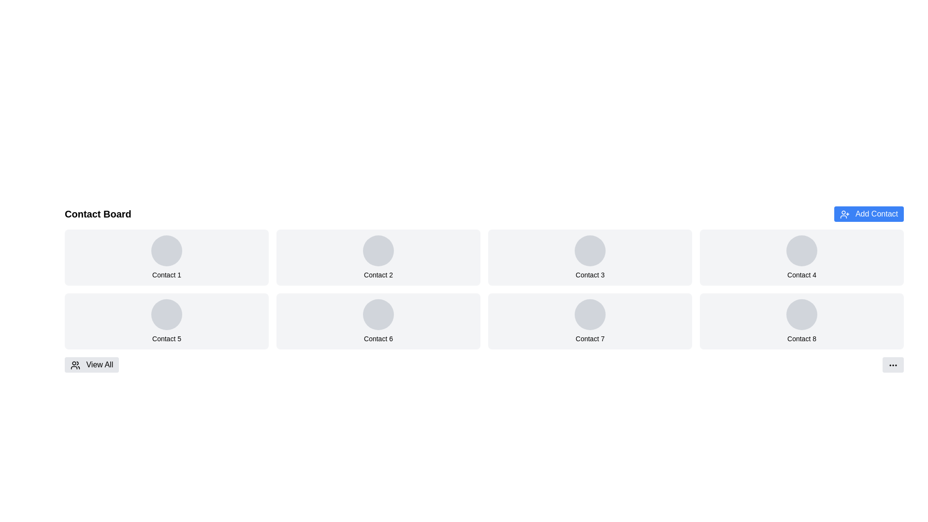 This screenshot has width=928, height=522. Describe the element at coordinates (75, 365) in the screenshot. I see `the button that includes the group representation icon located to the left of the 'View All' text` at that location.